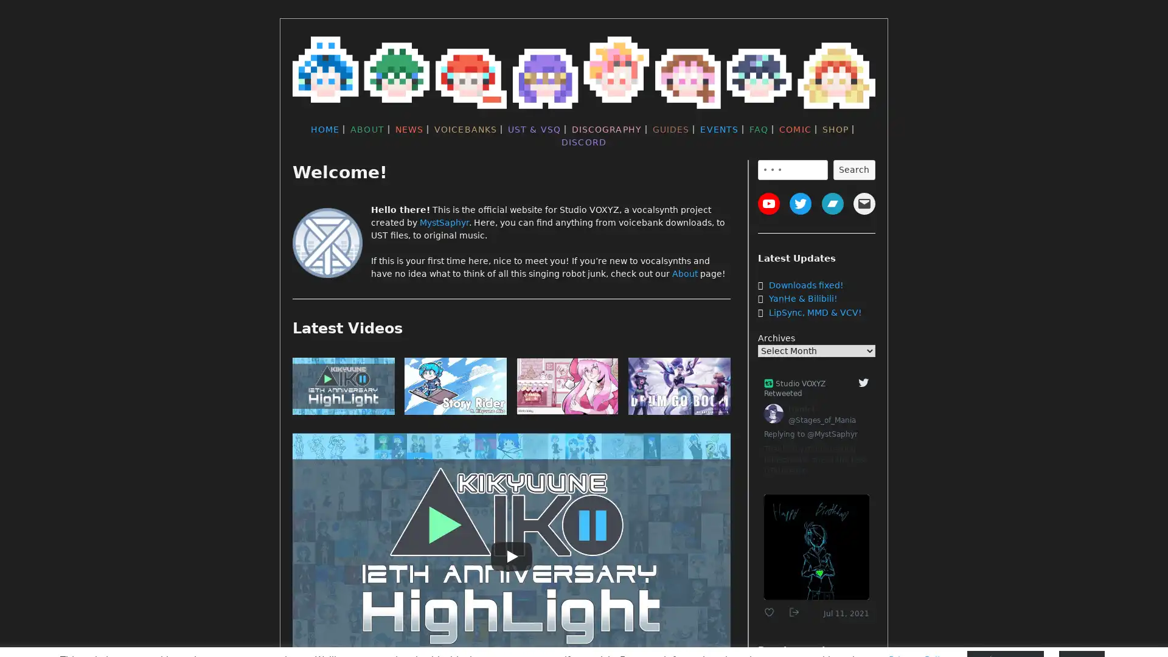 Image resolution: width=1168 pixels, height=657 pixels. What do you see at coordinates (853, 169) in the screenshot?
I see `Search` at bounding box center [853, 169].